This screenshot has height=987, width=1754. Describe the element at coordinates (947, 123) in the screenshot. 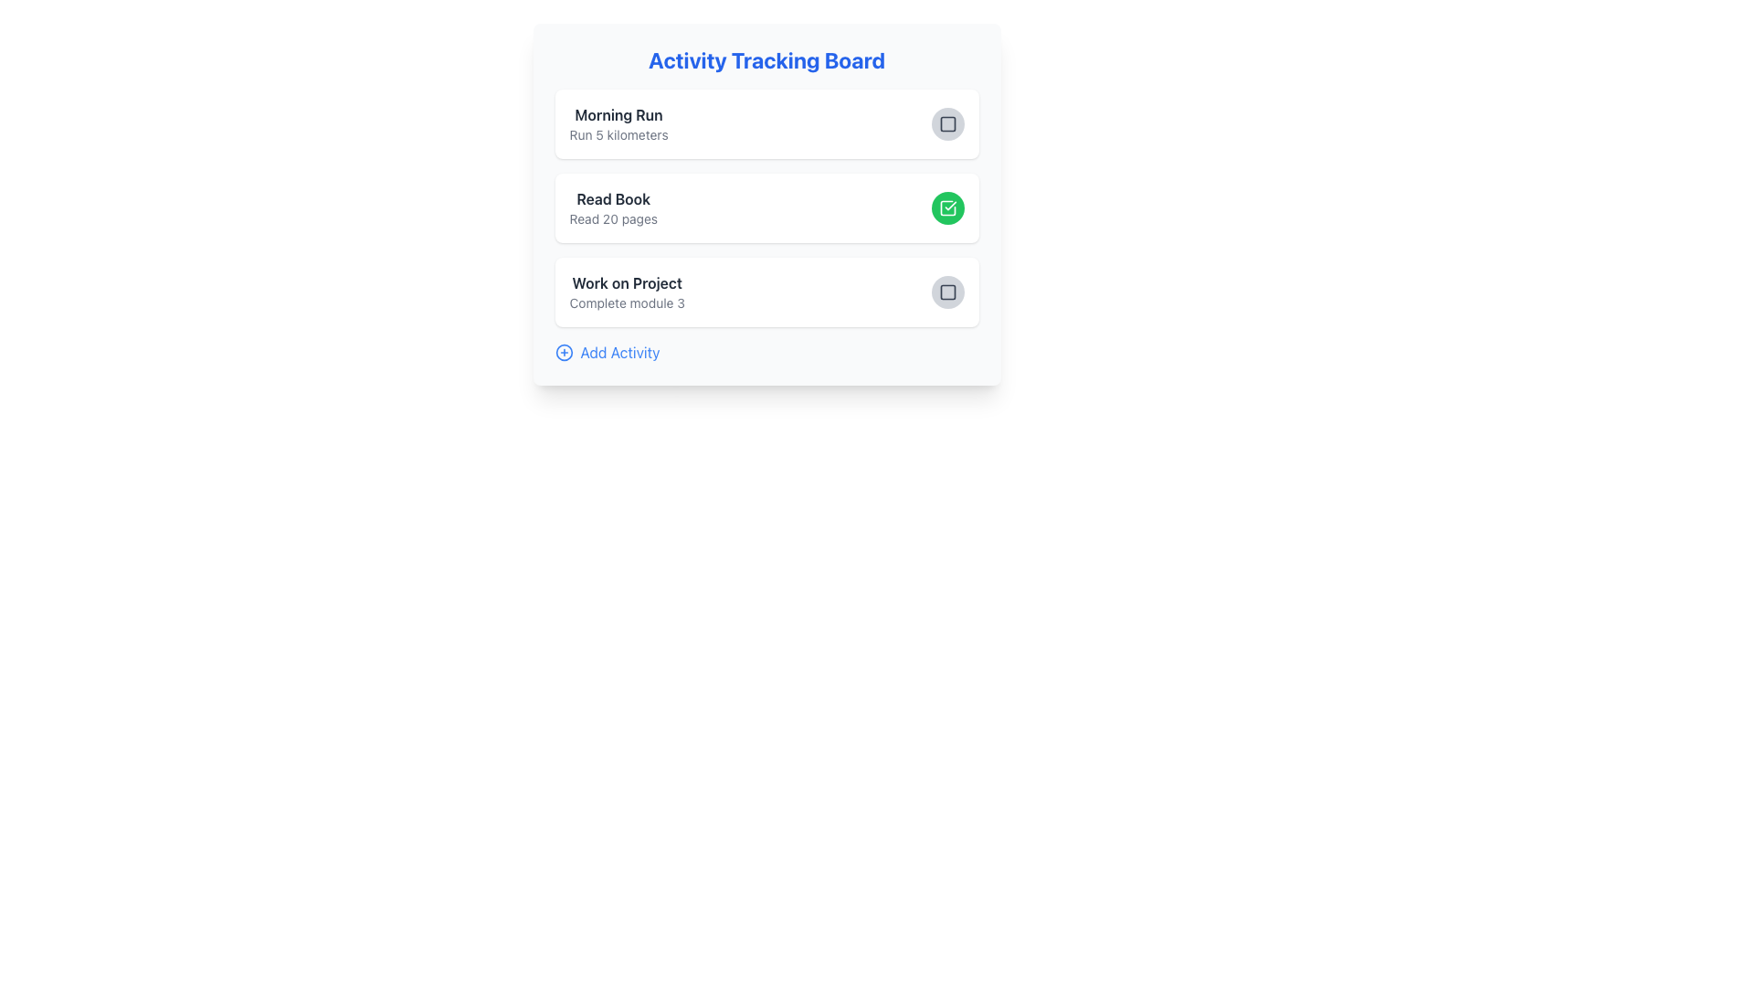

I see `the status icon in the topmost activity row of the 'Activity Tracking Board' for 'Morning Run'` at that location.